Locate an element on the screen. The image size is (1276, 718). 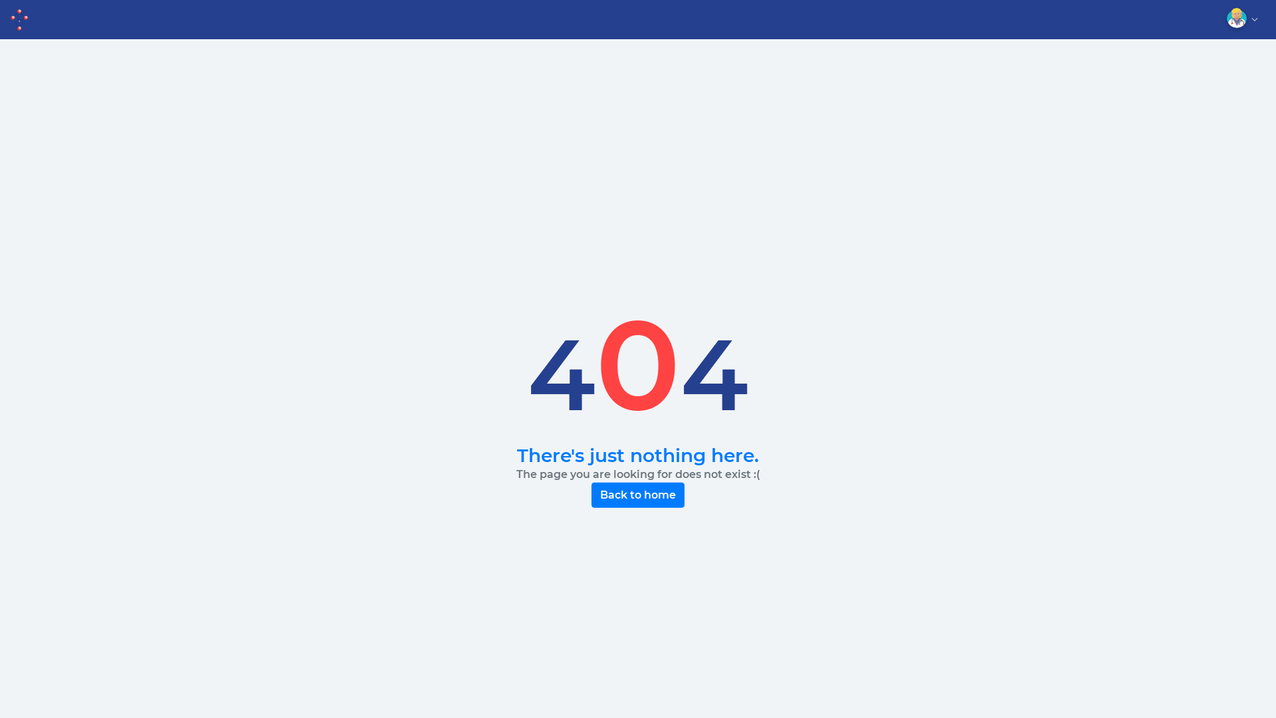
'Back to home' is located at coordinates (638, 495).